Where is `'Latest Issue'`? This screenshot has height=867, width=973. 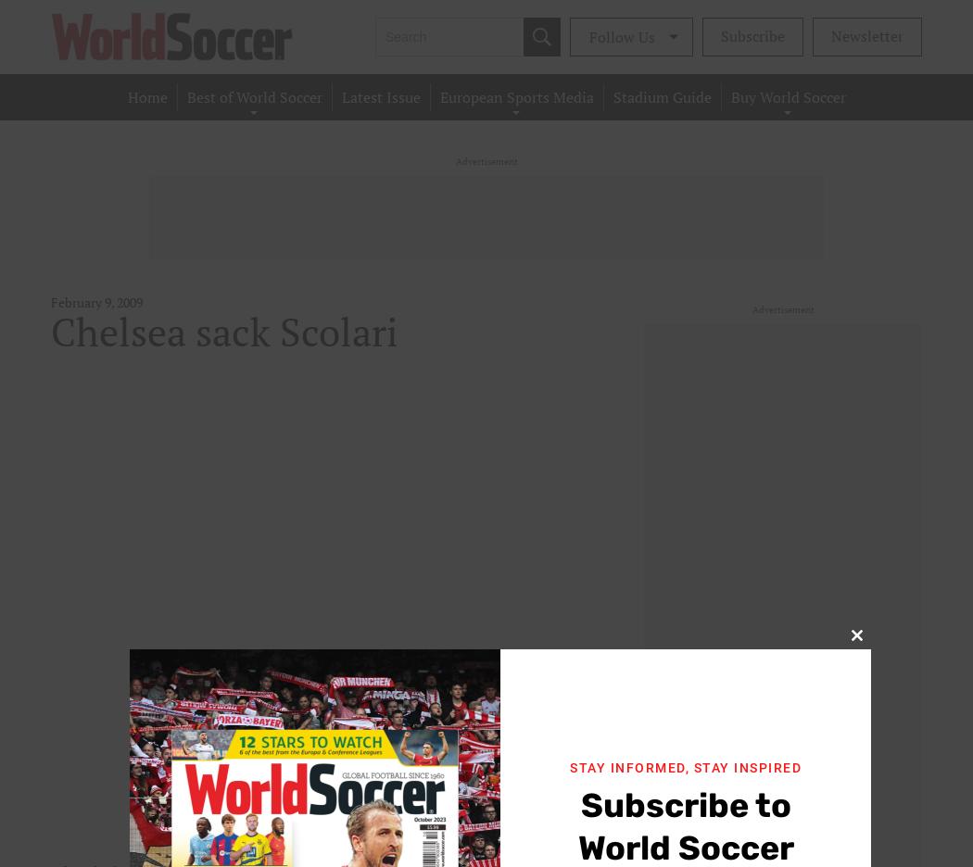 'Latest Issue' is located at coordinates (380, 96).